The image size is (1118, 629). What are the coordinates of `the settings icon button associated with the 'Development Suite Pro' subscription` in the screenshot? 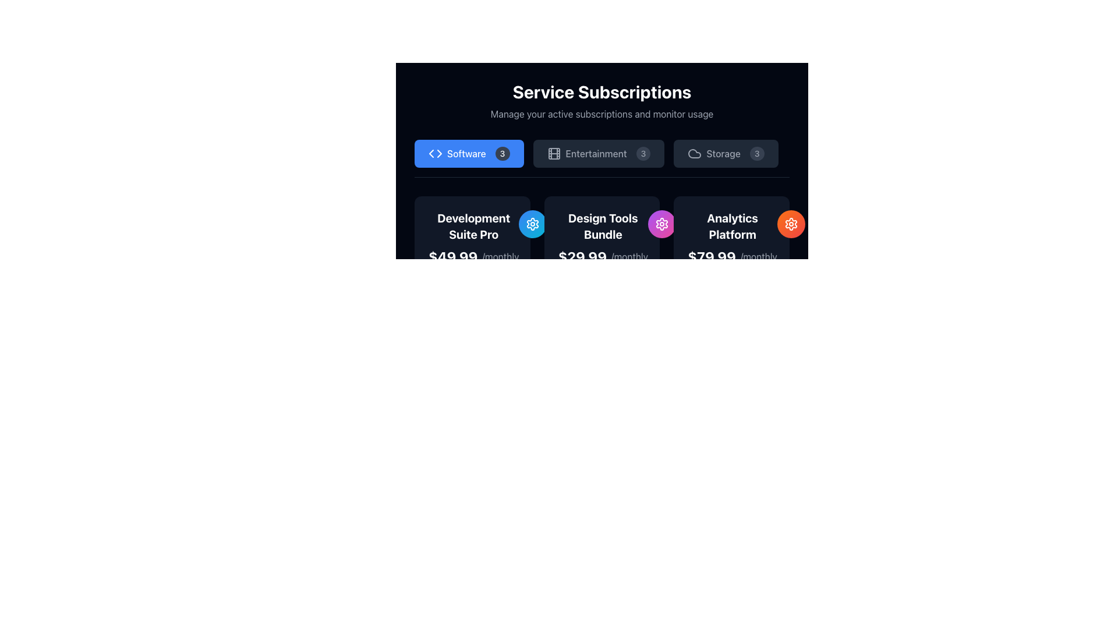 It's located at (532, 224).